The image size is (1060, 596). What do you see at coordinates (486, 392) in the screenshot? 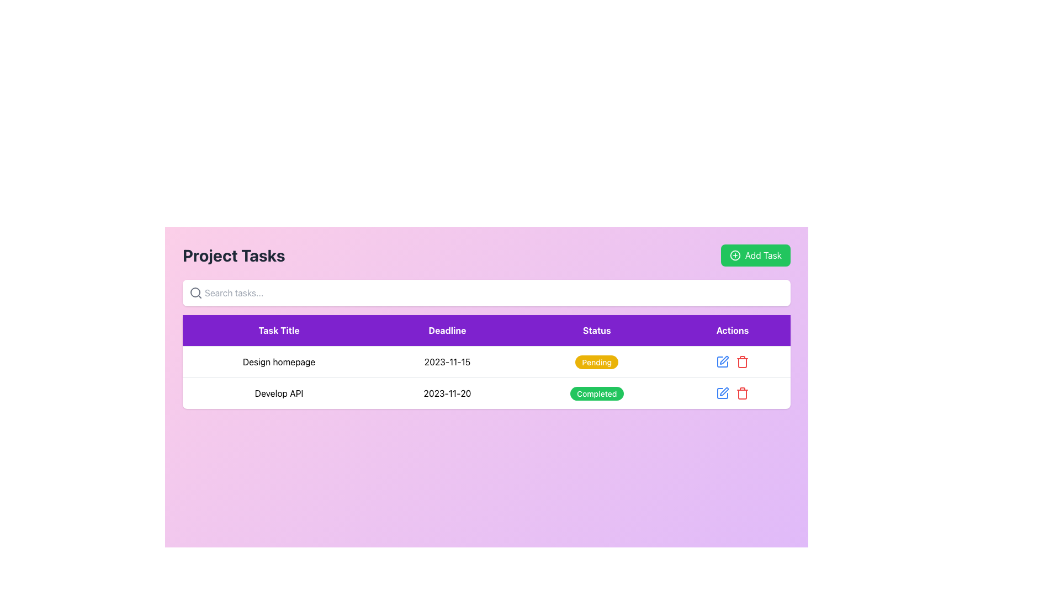
I see `the second row of the task table displaying the title 'Develop API', the date '2023-11-20', and the status 'Completed'` at bounding box center [486, 392].